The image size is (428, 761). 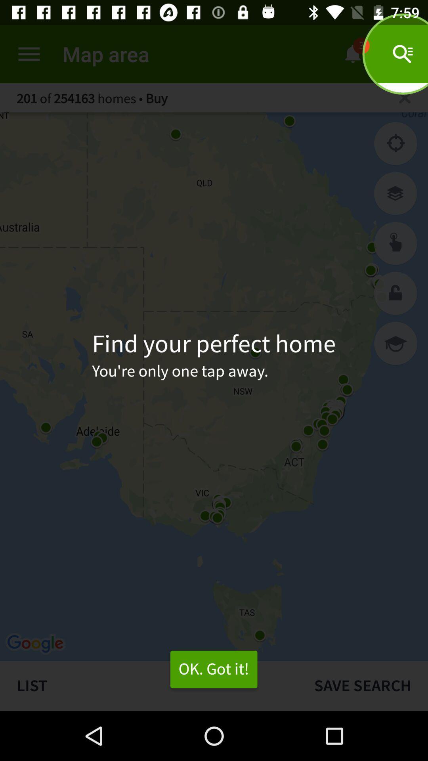 What do you see at coordinates (29, 54) in the screenshot?
I see `the item next to the map area icon` at bounding box center [29, 54].